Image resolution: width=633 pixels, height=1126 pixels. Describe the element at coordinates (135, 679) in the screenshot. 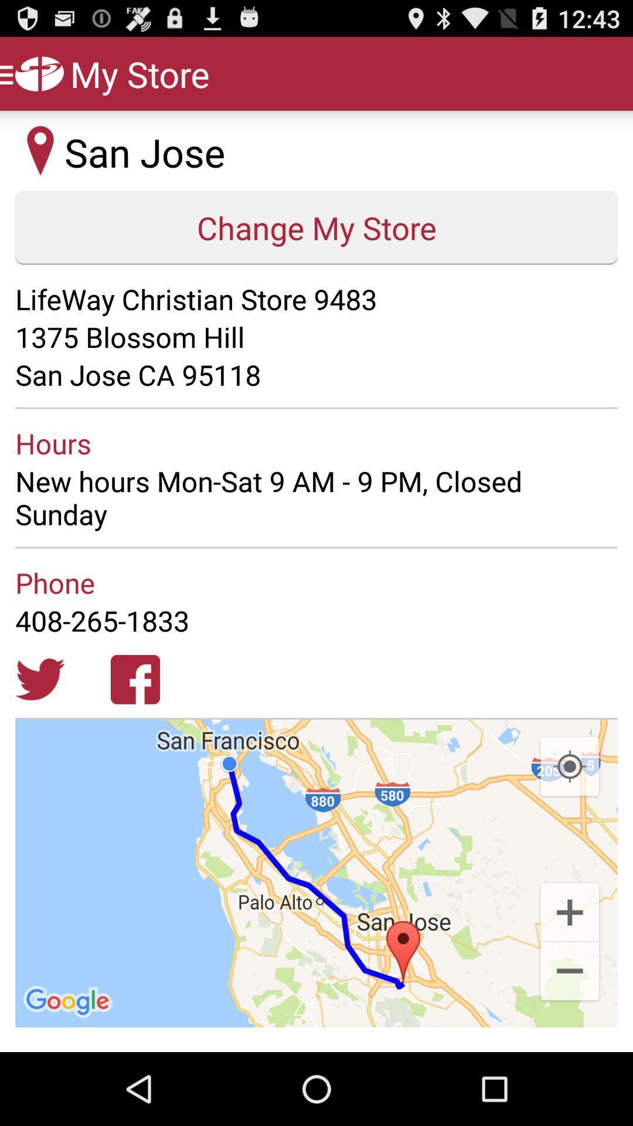

I see `facebook page` at that location.